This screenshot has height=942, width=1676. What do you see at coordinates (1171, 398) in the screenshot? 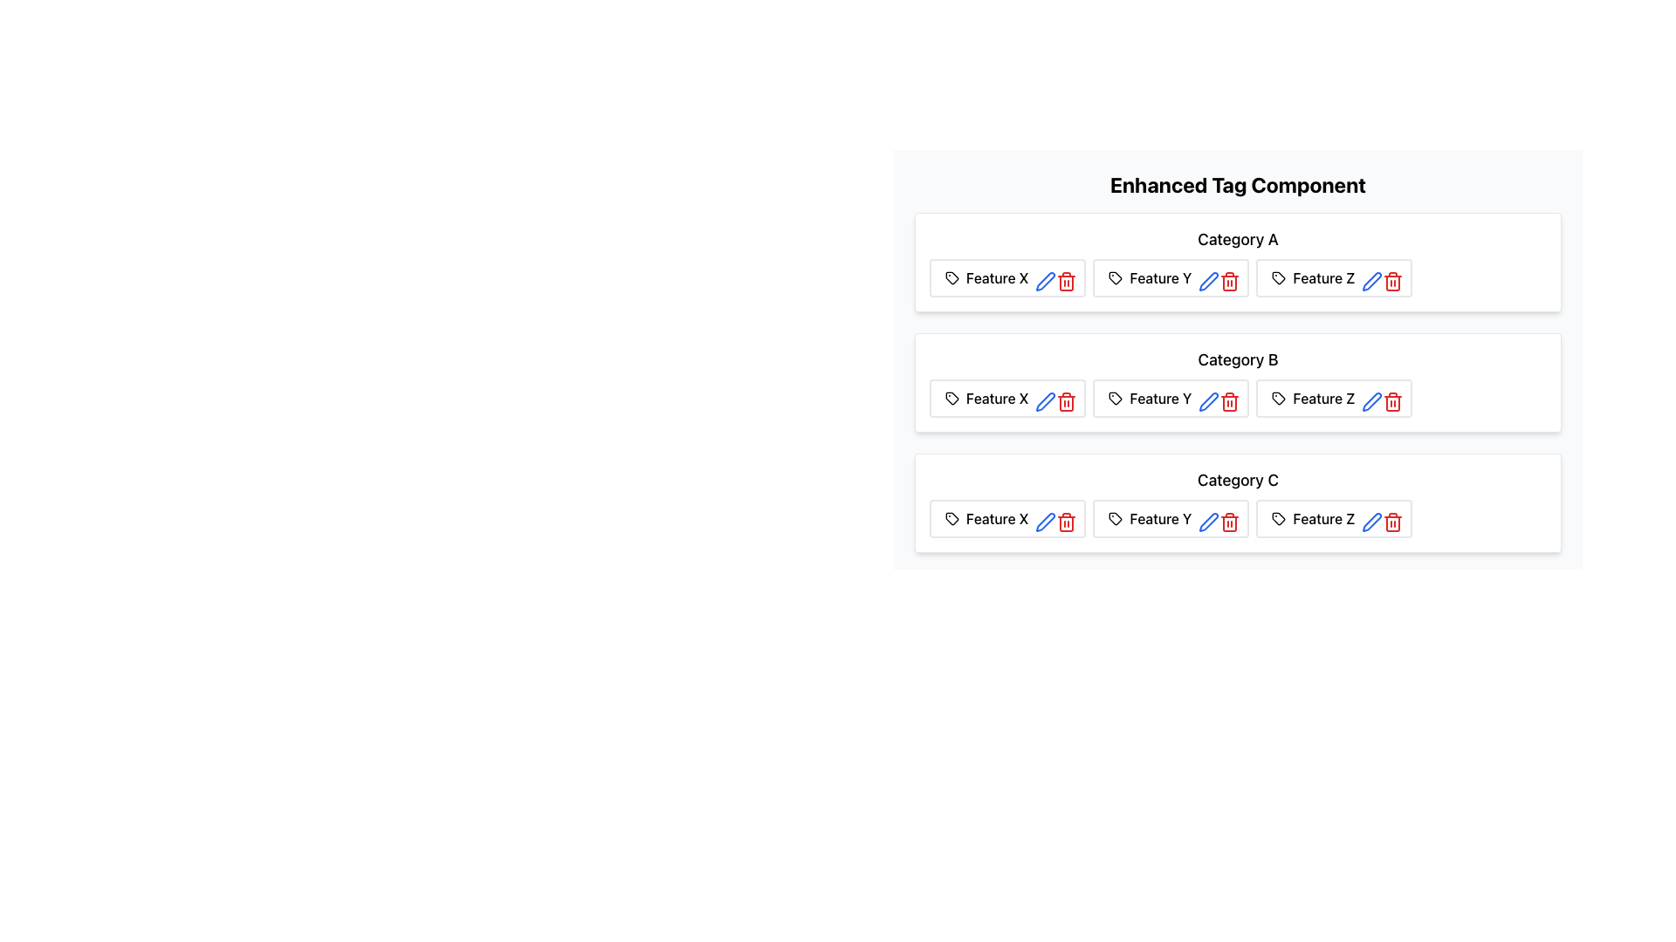
I see `the button representing 'Feature Y', which is the second button from the left in the second row under 'Category B'` at bounding box center [1171, 398].